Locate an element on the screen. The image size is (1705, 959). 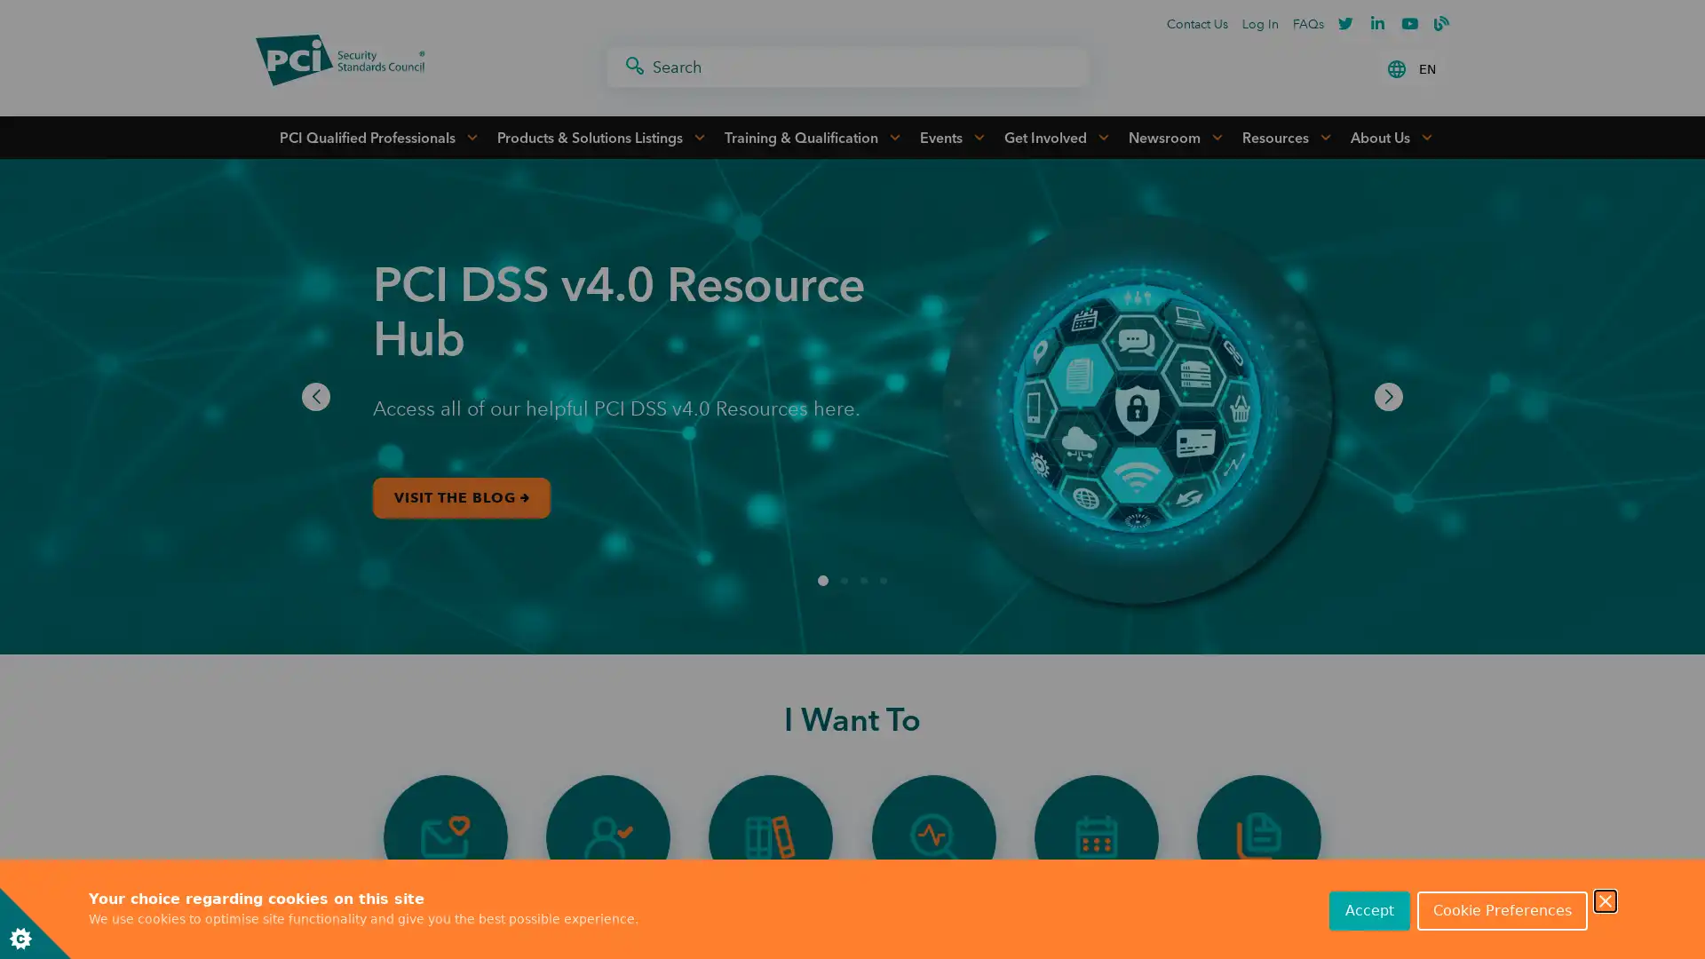
Twitter is located at coordinates (1345, 22).